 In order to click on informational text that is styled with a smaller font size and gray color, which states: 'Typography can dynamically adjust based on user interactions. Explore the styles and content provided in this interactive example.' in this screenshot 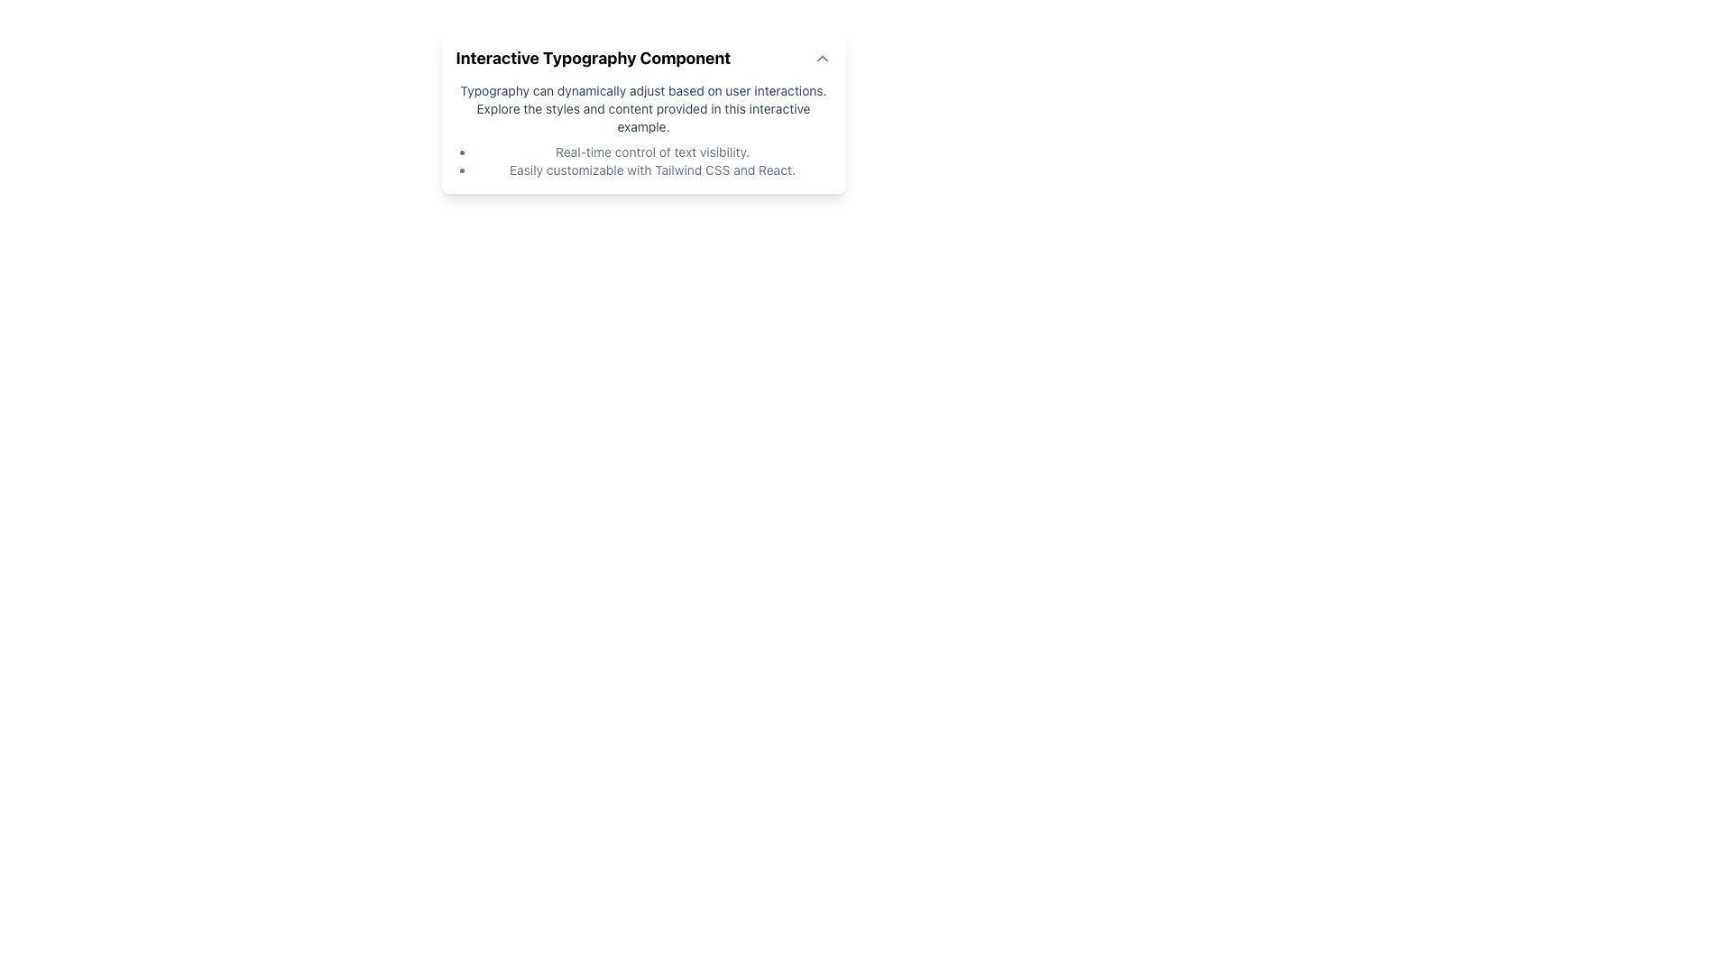, I will do `click(643, 108)`.